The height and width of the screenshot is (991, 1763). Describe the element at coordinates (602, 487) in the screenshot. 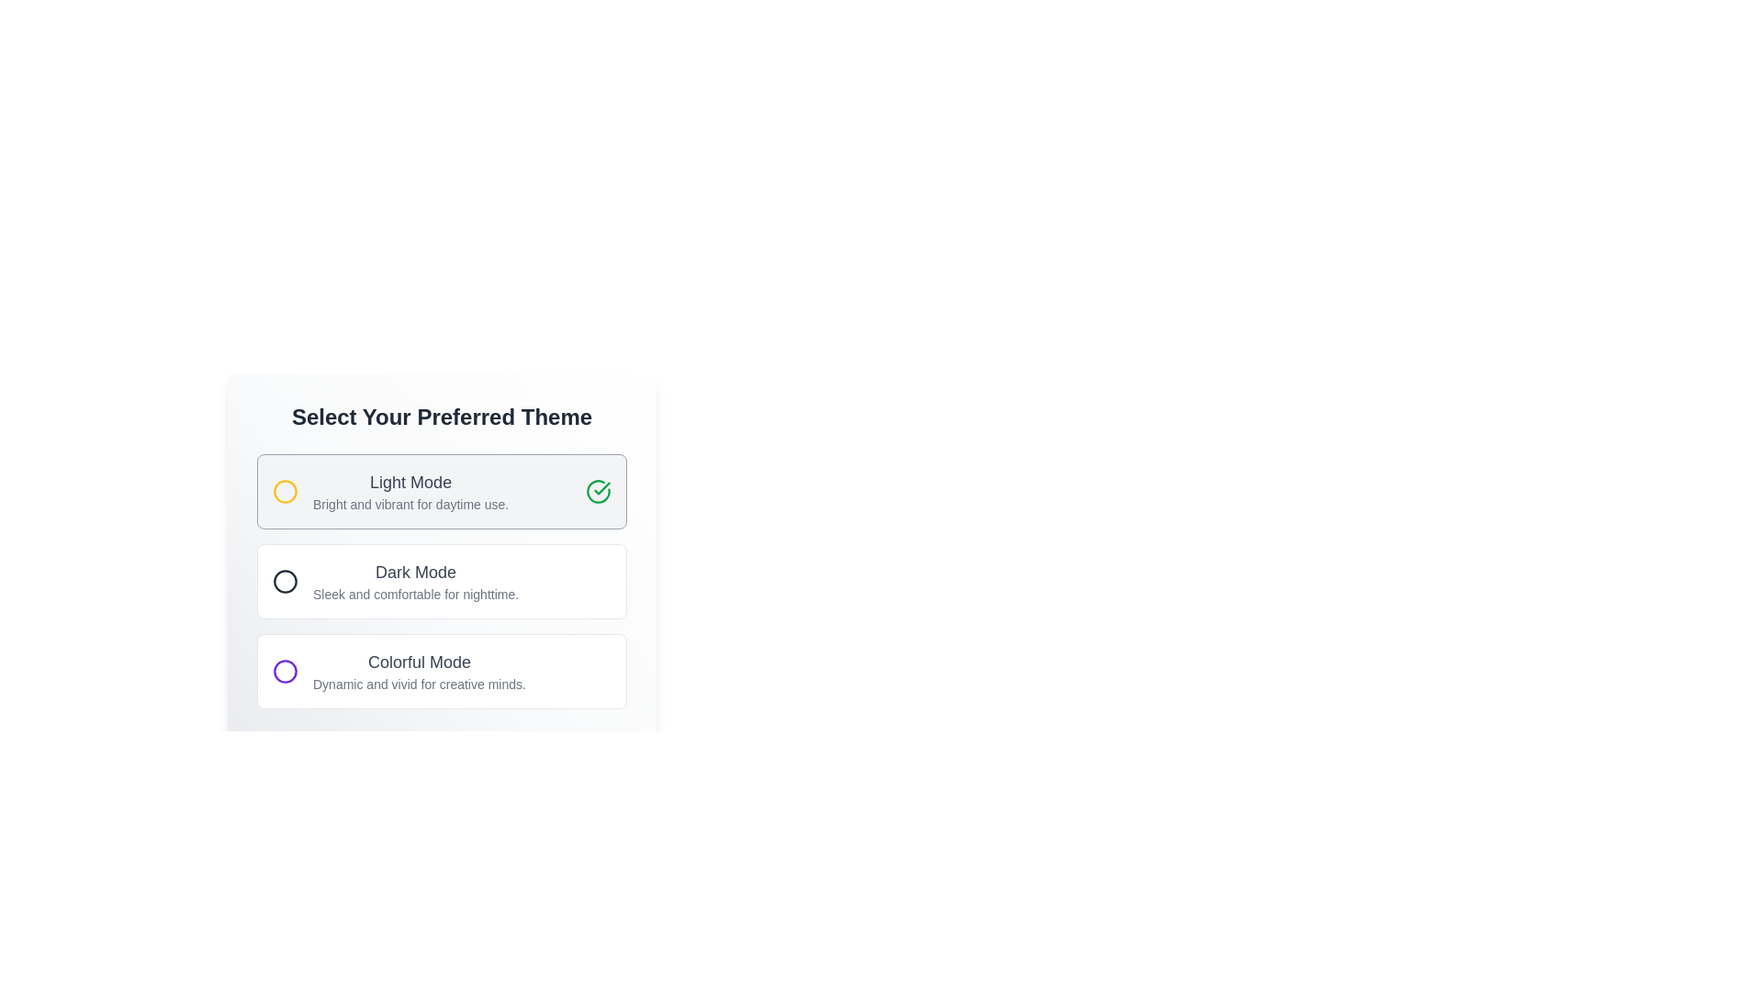

I see `the green checkmark icon within the 'Light Mode' selection box as a confirmation sign` at that location.